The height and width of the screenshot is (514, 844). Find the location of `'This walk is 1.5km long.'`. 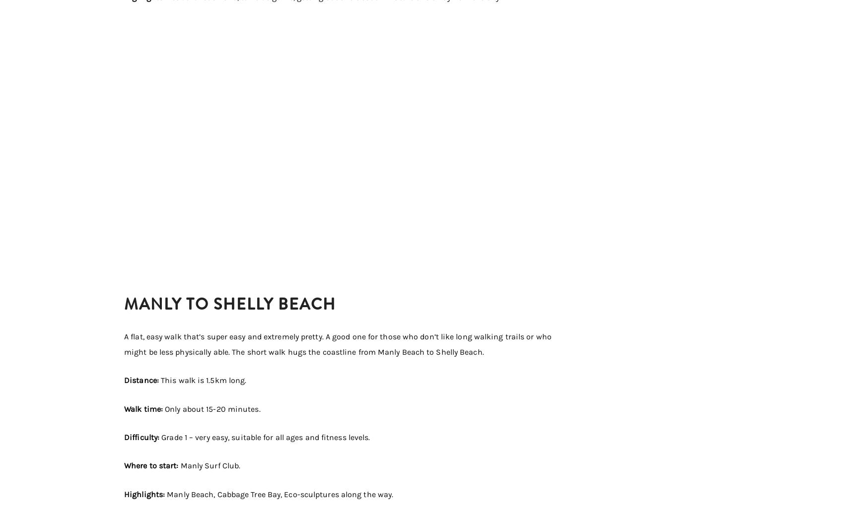

'This walk is 1.5km long.' is located at coordinates (160, 380).